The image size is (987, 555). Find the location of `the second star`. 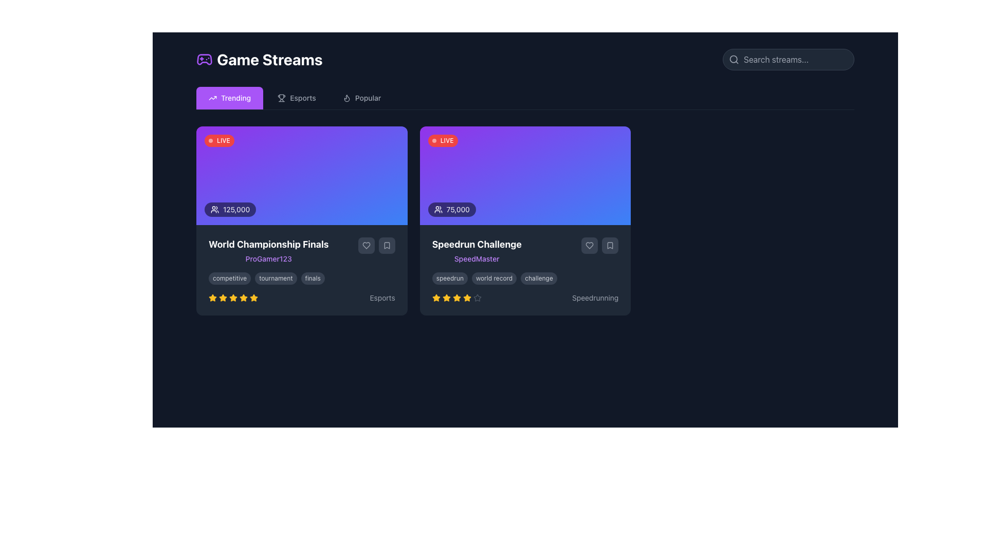

the second star is located at coordinates (456, 298).